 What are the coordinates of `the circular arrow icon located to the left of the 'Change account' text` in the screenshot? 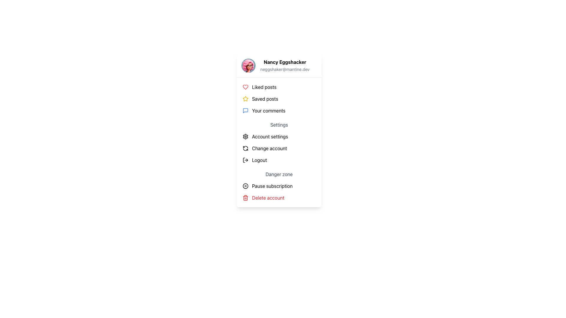 It's located at (246, 148).